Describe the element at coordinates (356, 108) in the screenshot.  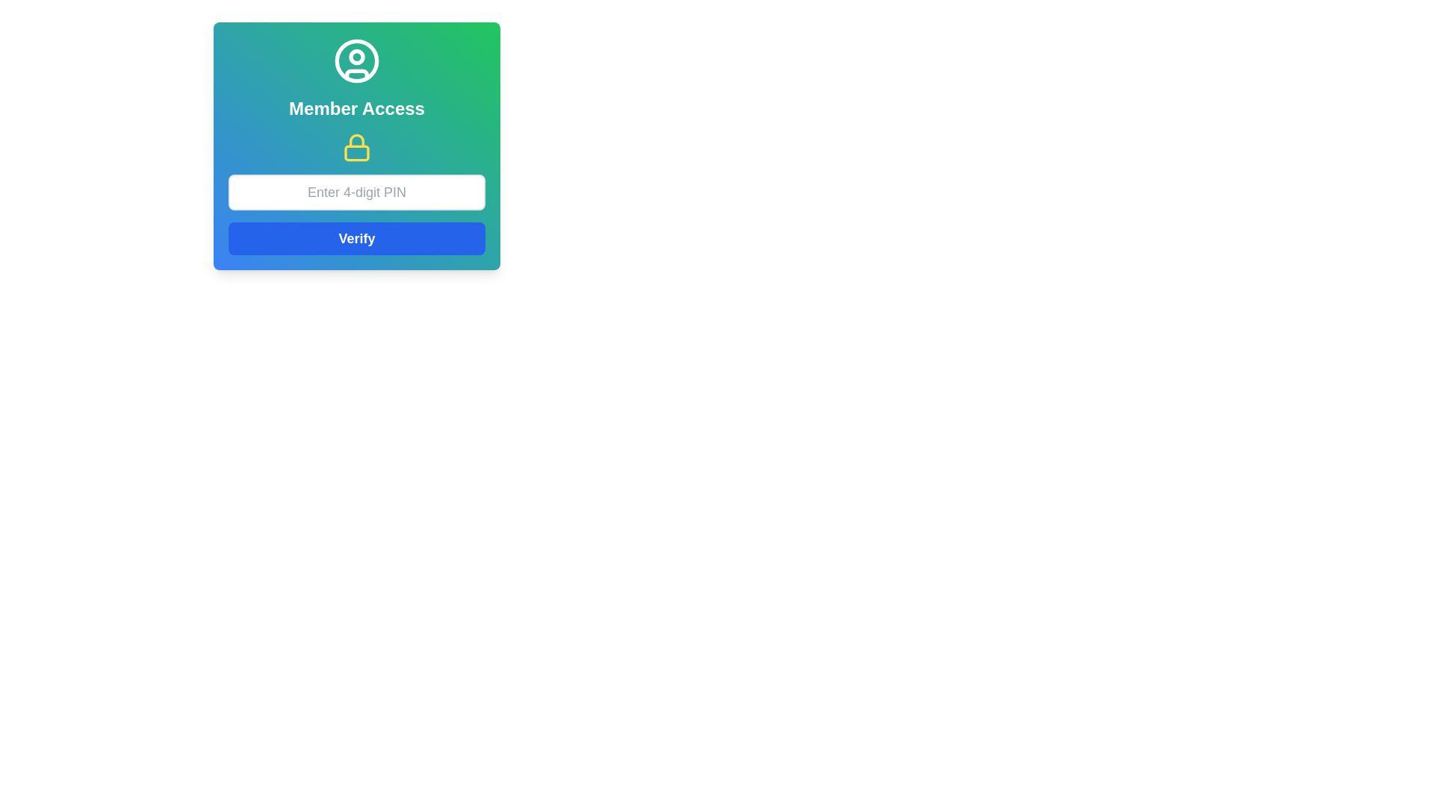
I see `the static text label displaying 'Member Access', which is centrally located within a card interface, below a user icon and above a lock icon` at that location.